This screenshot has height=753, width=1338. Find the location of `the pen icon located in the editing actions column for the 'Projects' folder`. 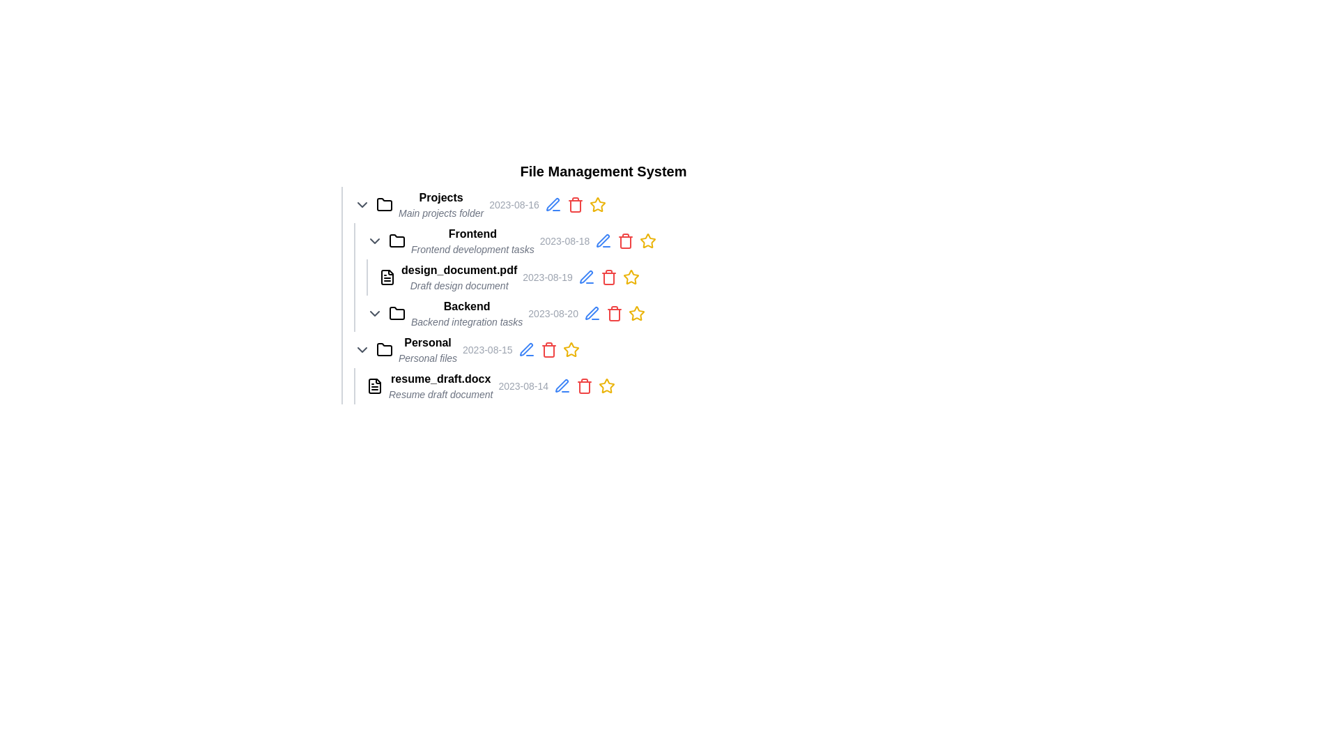

the pen icon located in the editing actions column for the 'Projects' folder is located at coordinates (552, 204).